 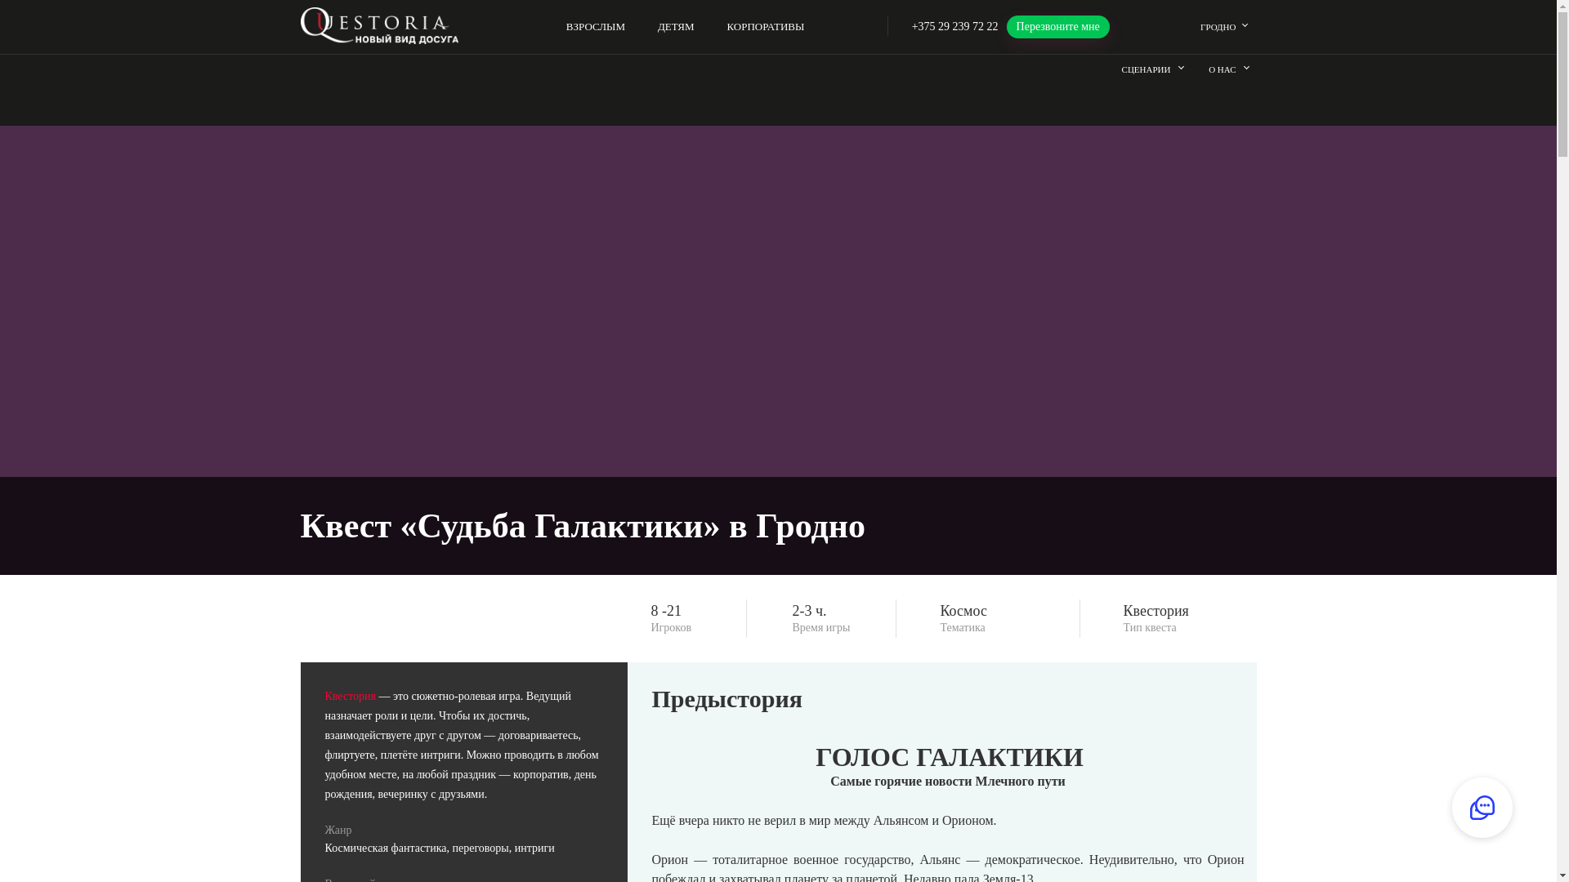 What do you see at coordinates (955, 26) in the screenshot?
I see `'+375 29 239 72 22'` at bounding box center [955, 26].